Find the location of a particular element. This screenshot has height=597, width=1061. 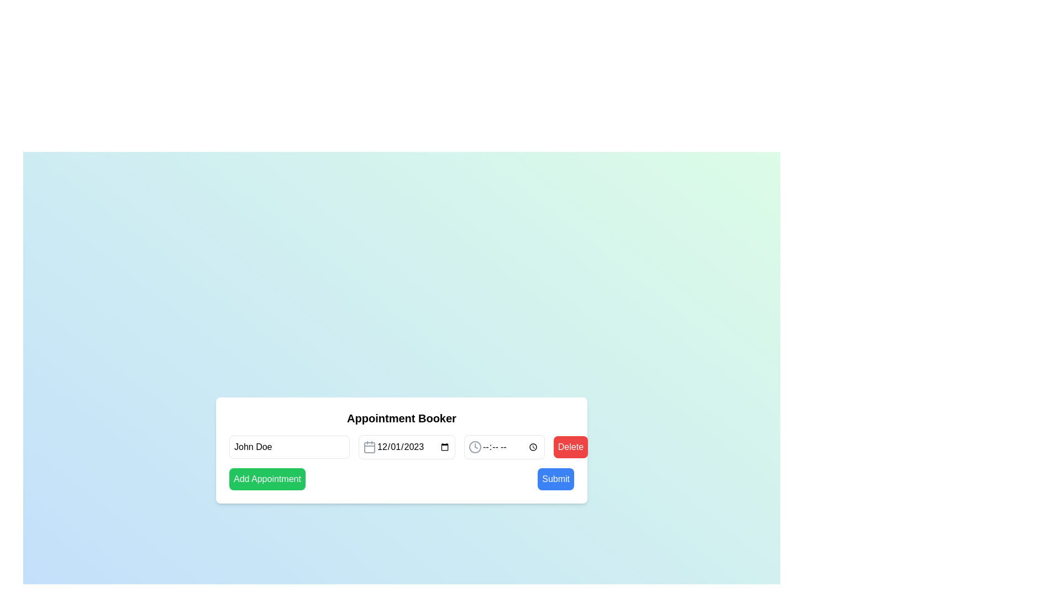

the 'Delete' button with a red background and white text is located at coordinates (570, 447).